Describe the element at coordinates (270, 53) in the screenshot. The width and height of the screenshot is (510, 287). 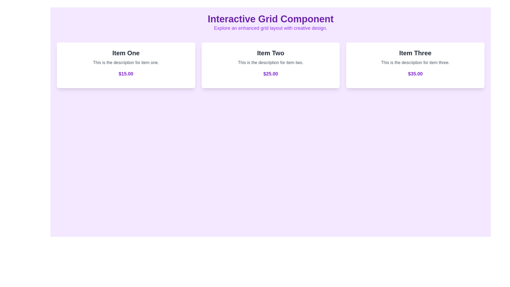
I see `the 'Item Two' text label, which is styled in bold and large dark gray font, located prominently at the upper section of the second card` at that location.